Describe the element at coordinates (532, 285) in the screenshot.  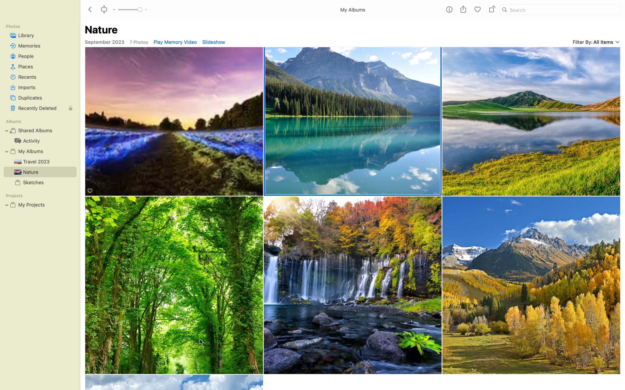
I see `Expand the picture with grasslands by clicking on it` at that location.